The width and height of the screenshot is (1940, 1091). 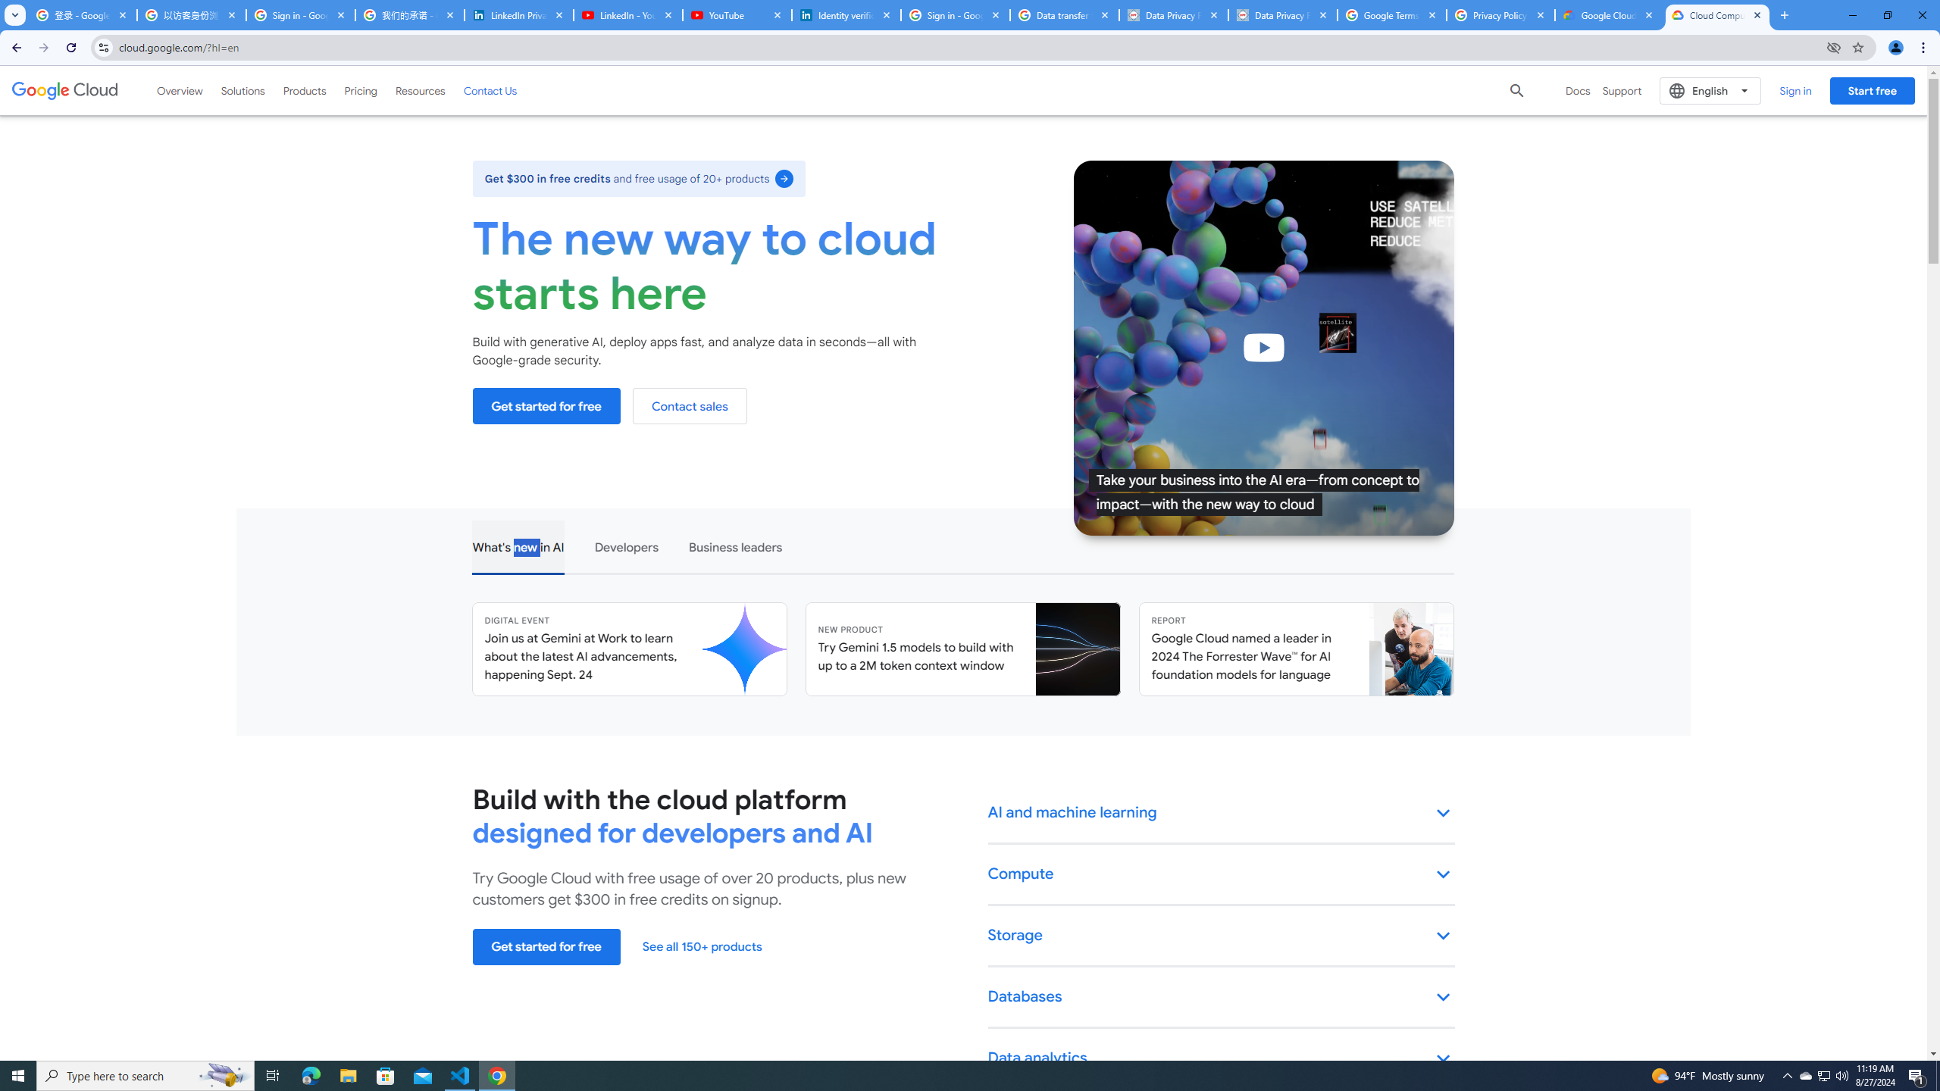 I want to click on 'Developers', so click(x=624, y=545).